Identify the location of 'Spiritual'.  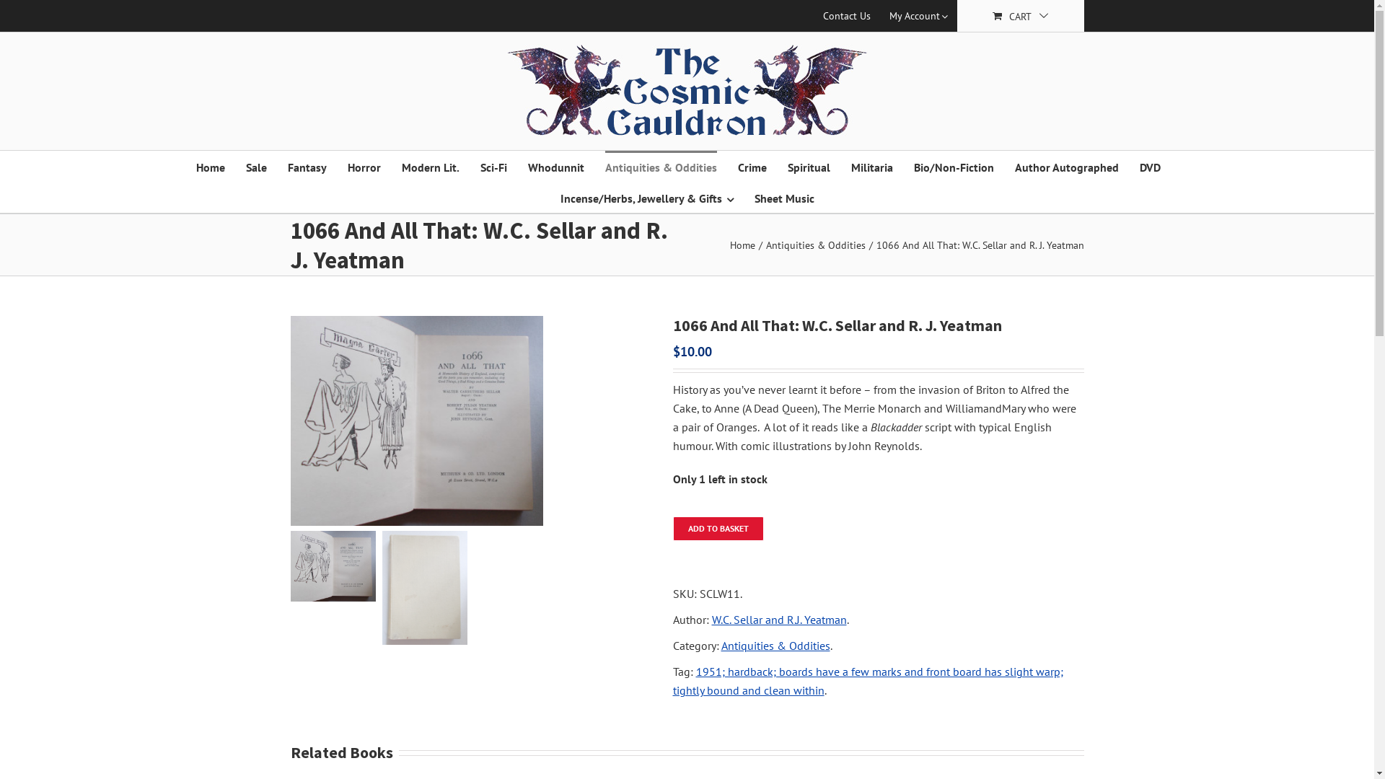
(809, 165).